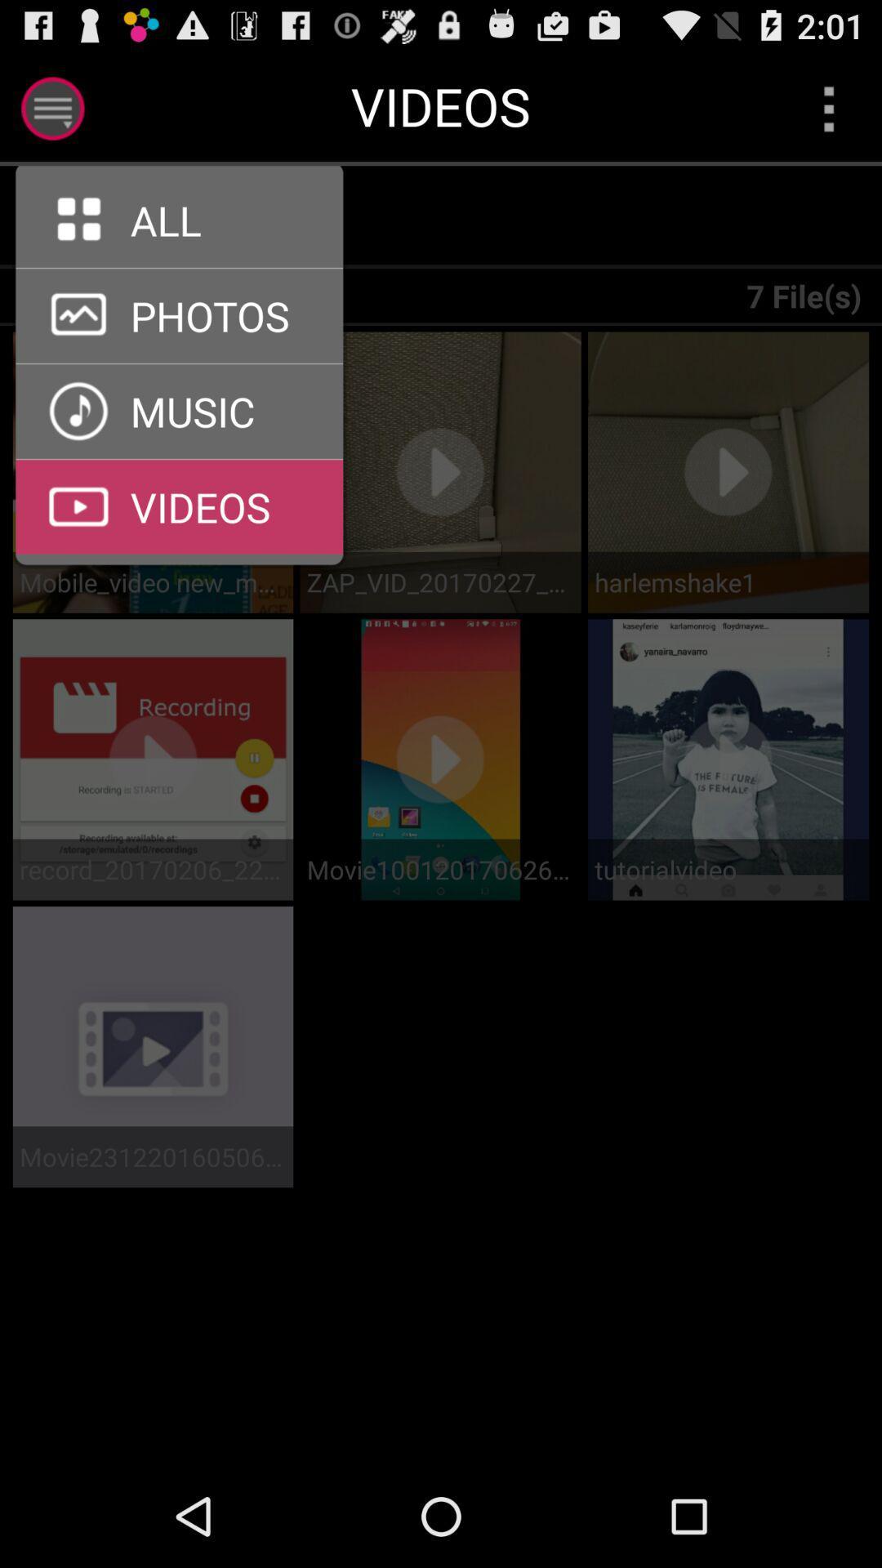  Describe the element at coordinates (179, 268) in the screenshot. I see `the icon above all devices icon` at that location.